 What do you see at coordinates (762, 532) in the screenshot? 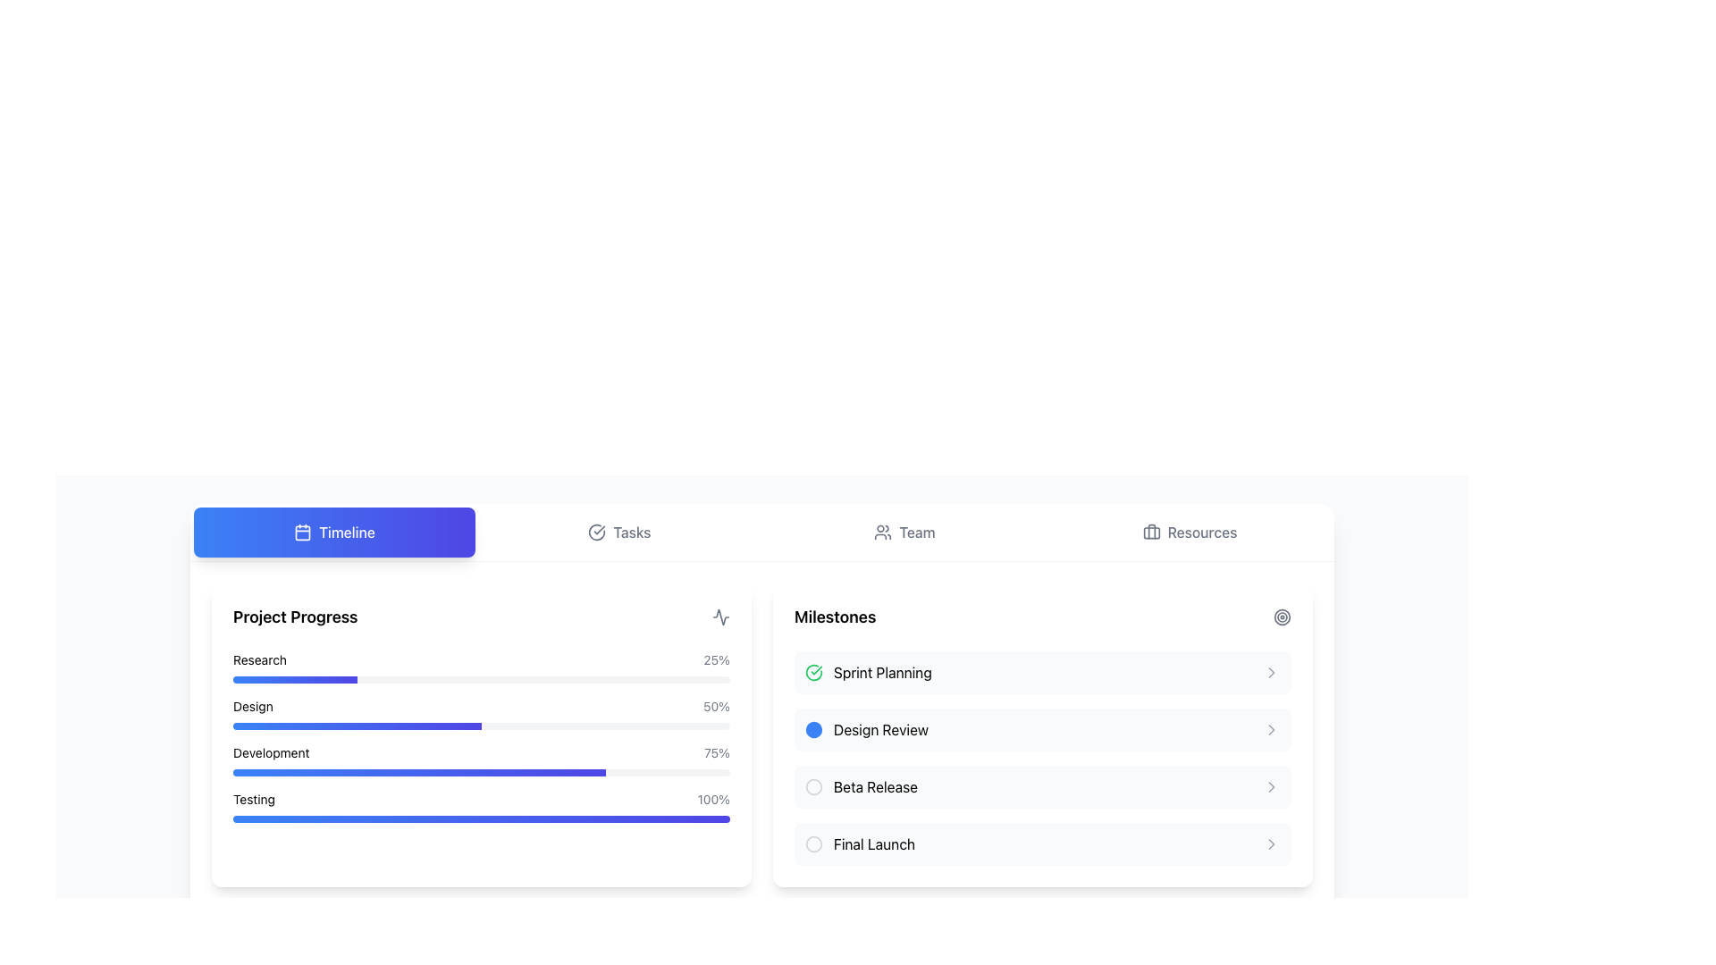
I see `the Tabbed navigation menu` at bounding box center [762, 532].